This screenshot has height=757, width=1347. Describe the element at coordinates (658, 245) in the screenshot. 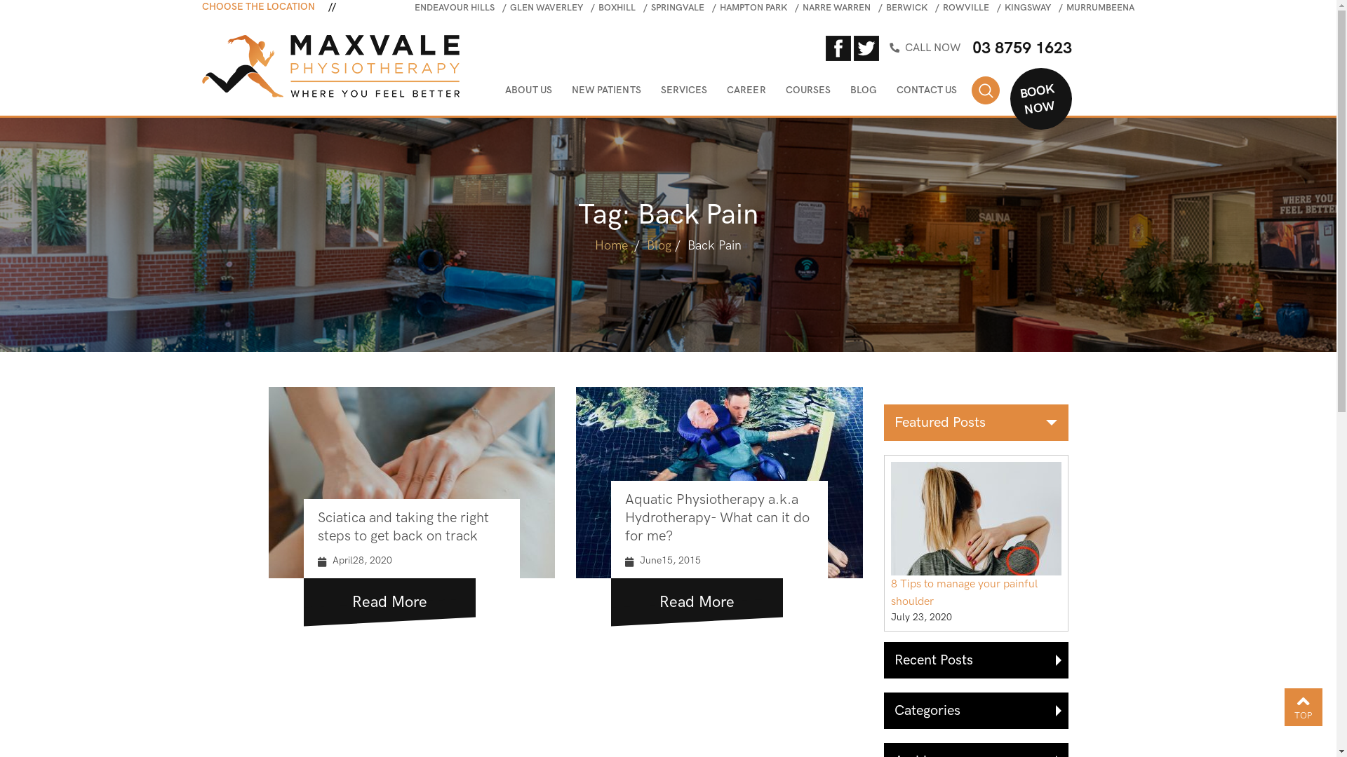

I see `'Blog'` at that location.